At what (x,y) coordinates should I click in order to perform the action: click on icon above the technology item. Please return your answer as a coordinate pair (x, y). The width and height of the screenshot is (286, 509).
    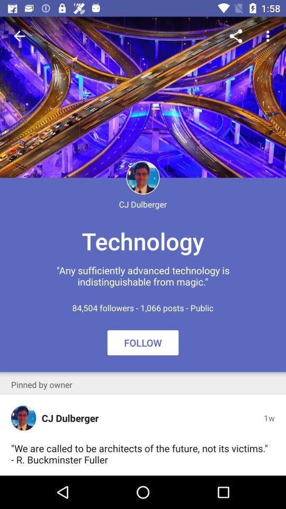
    Looking at the image, I should click on (236, 36).